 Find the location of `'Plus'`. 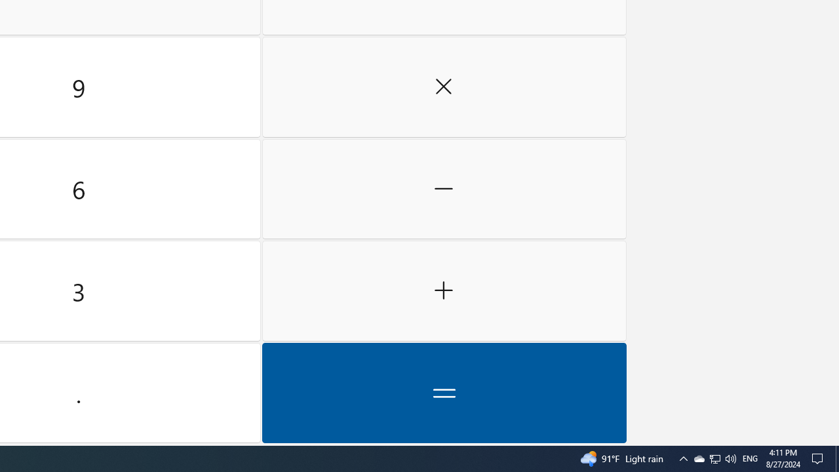

'Plus' is located at coordinates (444, 290).